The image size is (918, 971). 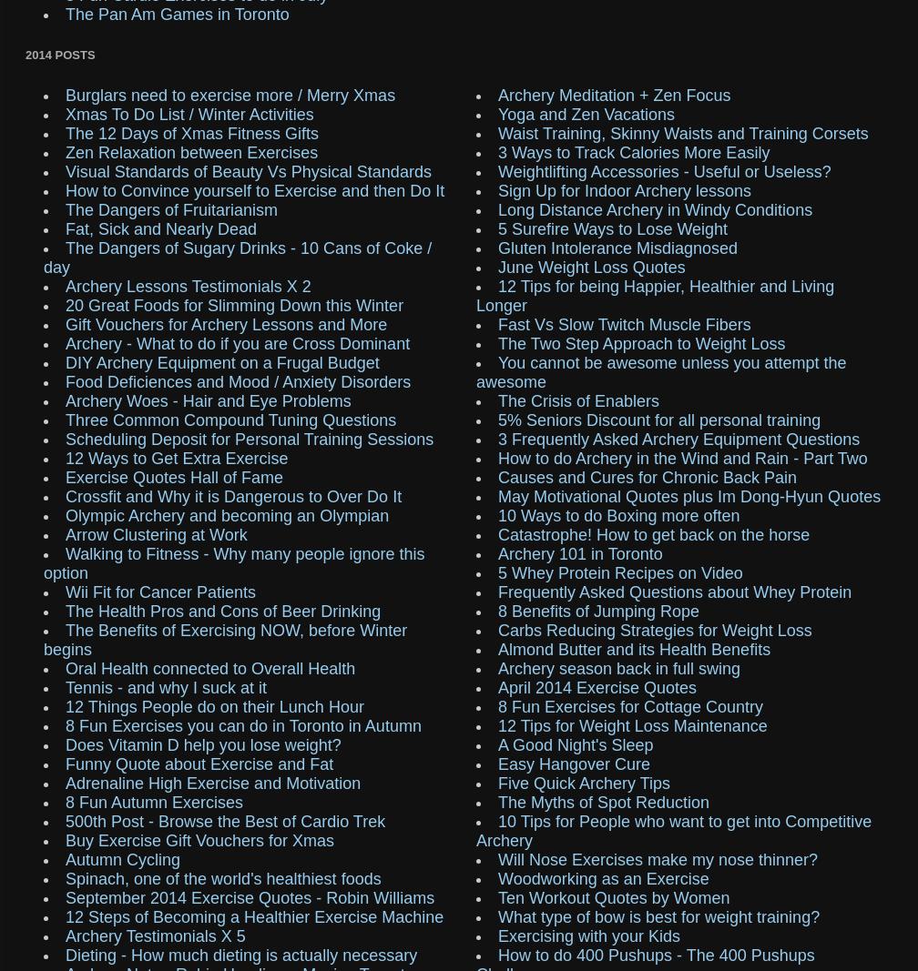 I want to click on 'The Benefits of Exercising NOW, before Winter begins', so click(x=225, y=639).